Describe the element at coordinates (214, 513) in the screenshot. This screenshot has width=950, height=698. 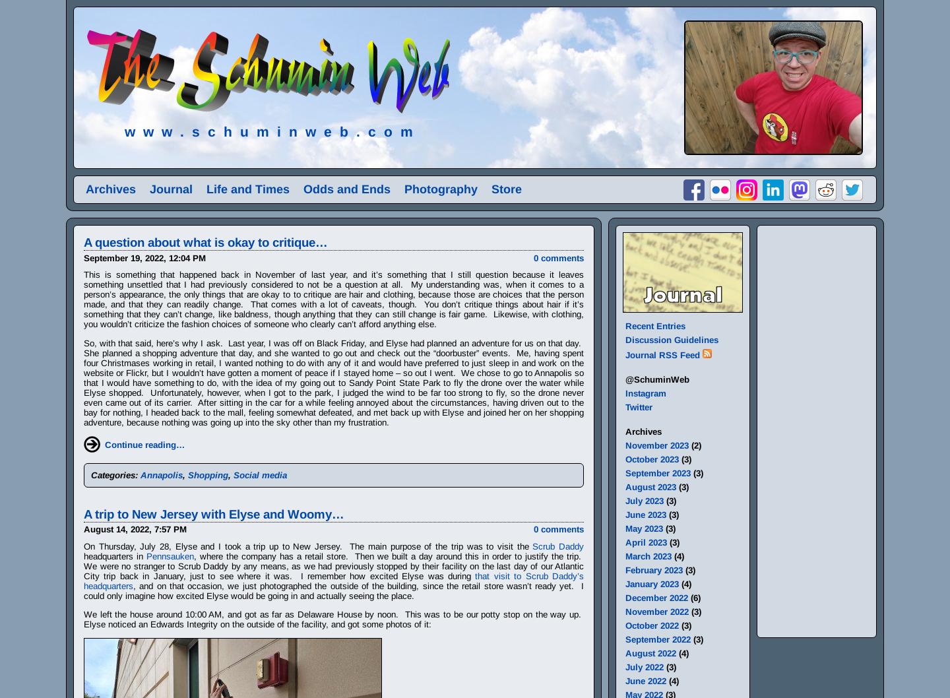
I see `'A trip to New Jersey with Elyse and Woomy…'` at that location.